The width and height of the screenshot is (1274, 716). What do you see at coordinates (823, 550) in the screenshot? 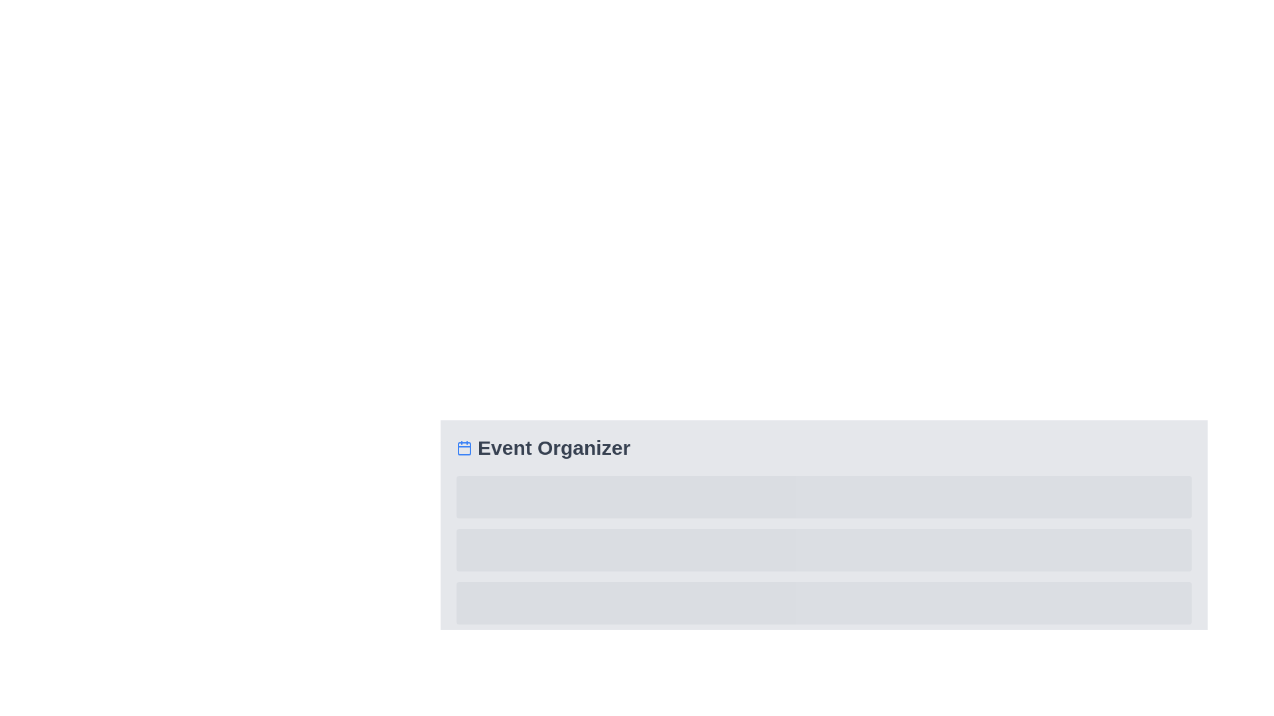
I see `the second loading placeholder, which is a horizontal rectangular component with a light gray background and rounded corners, indicating a loading state` at bounding box center [823, 550].